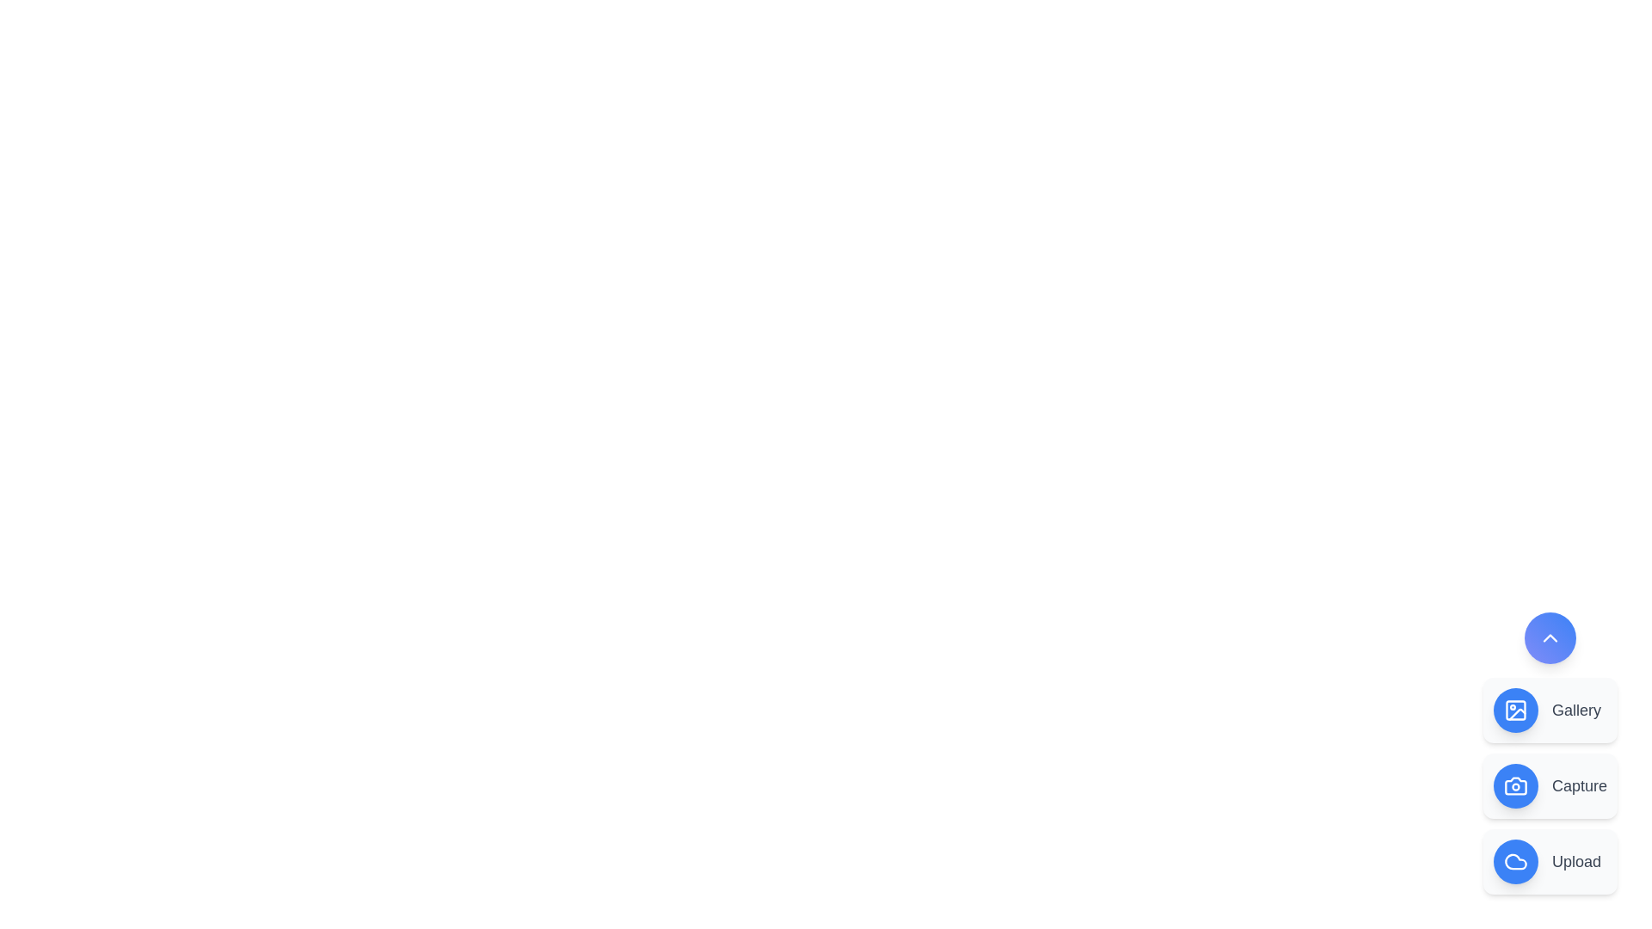 The image size is (1652, 929). I want to click on the main button to toggle the menu visibility, so click(1550, 637).